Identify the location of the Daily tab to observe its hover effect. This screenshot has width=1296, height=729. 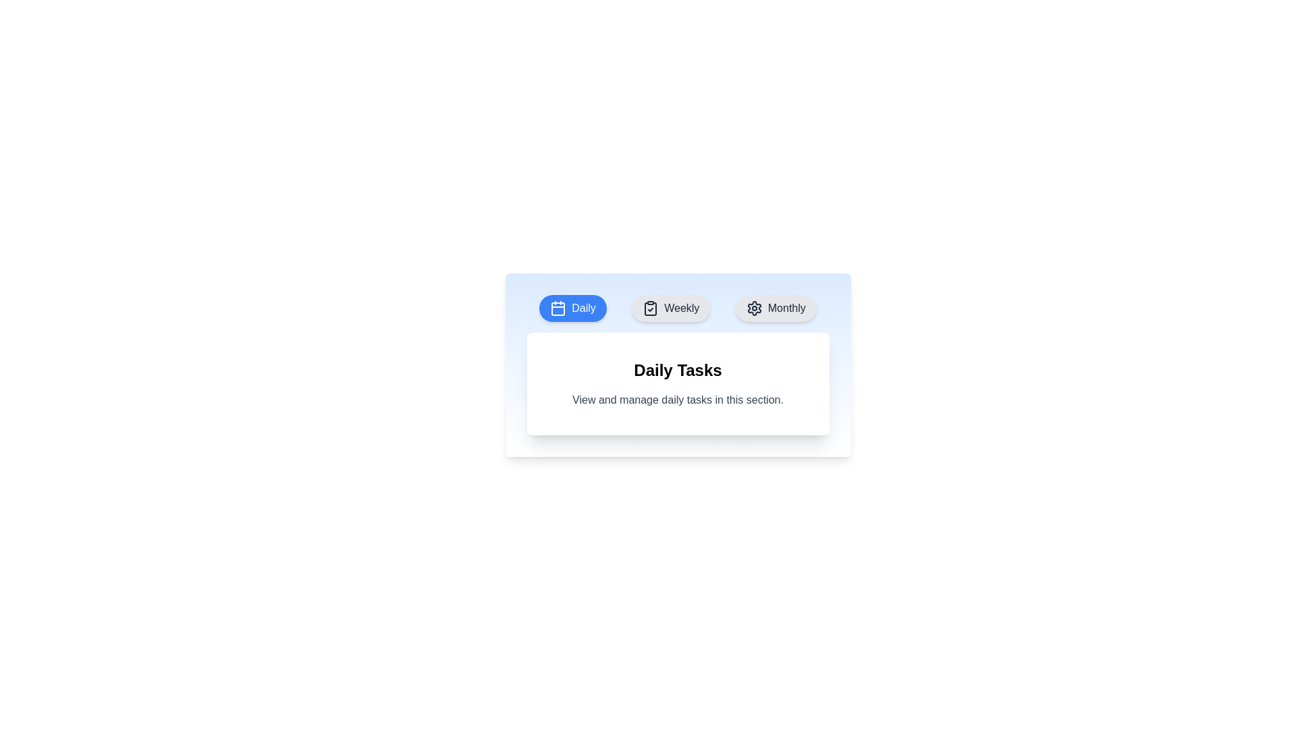
(573, 308).